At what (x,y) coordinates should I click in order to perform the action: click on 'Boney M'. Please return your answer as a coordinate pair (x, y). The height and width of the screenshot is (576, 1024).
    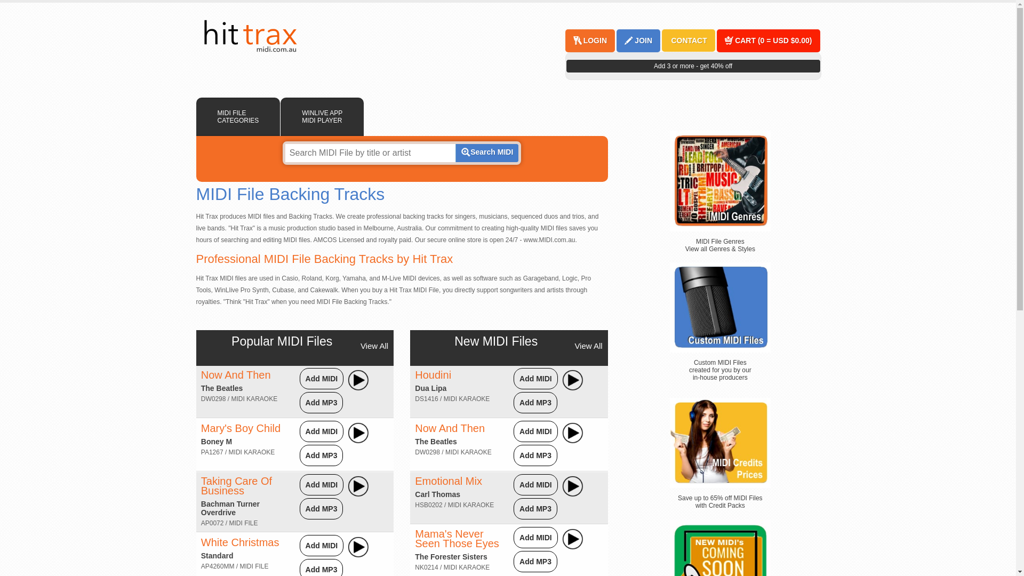
    Looking at the image, I should click on (201, 442).